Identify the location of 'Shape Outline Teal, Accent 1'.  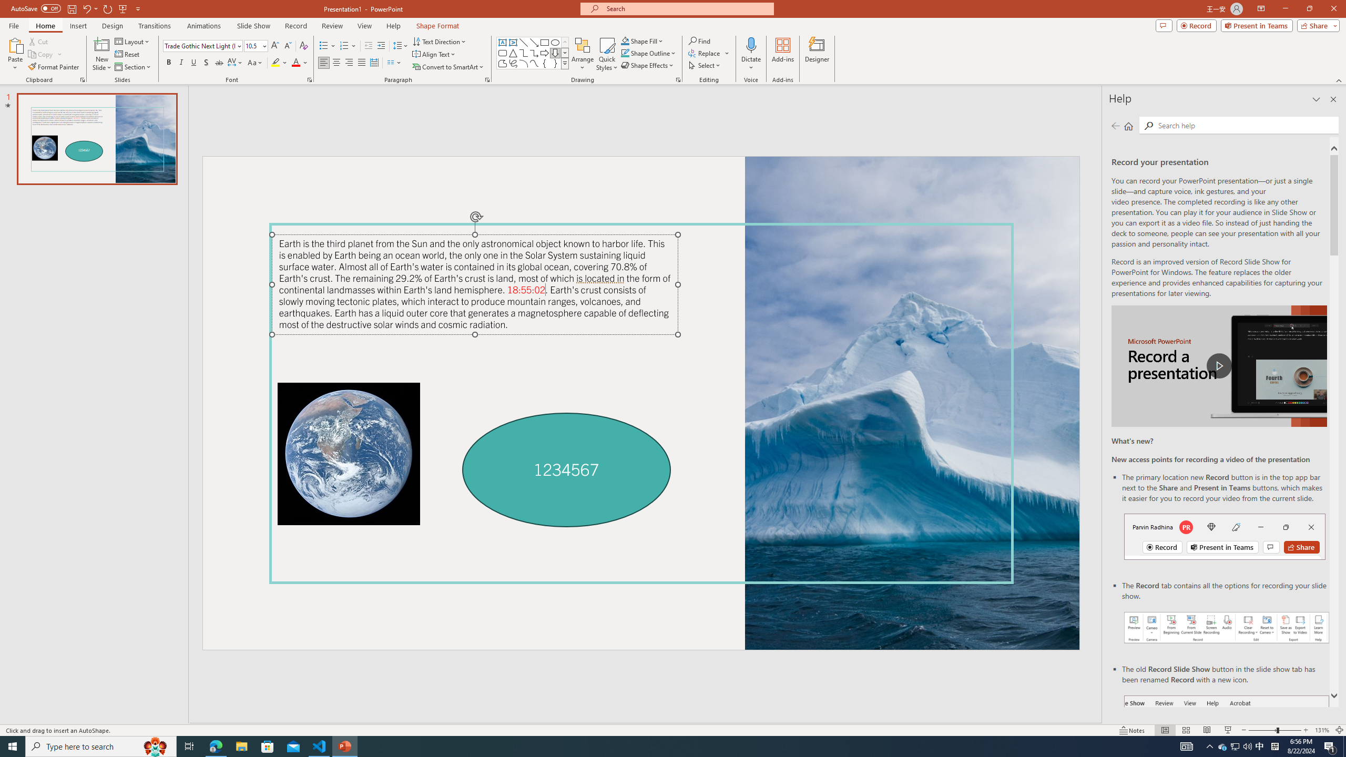
(625, 52).